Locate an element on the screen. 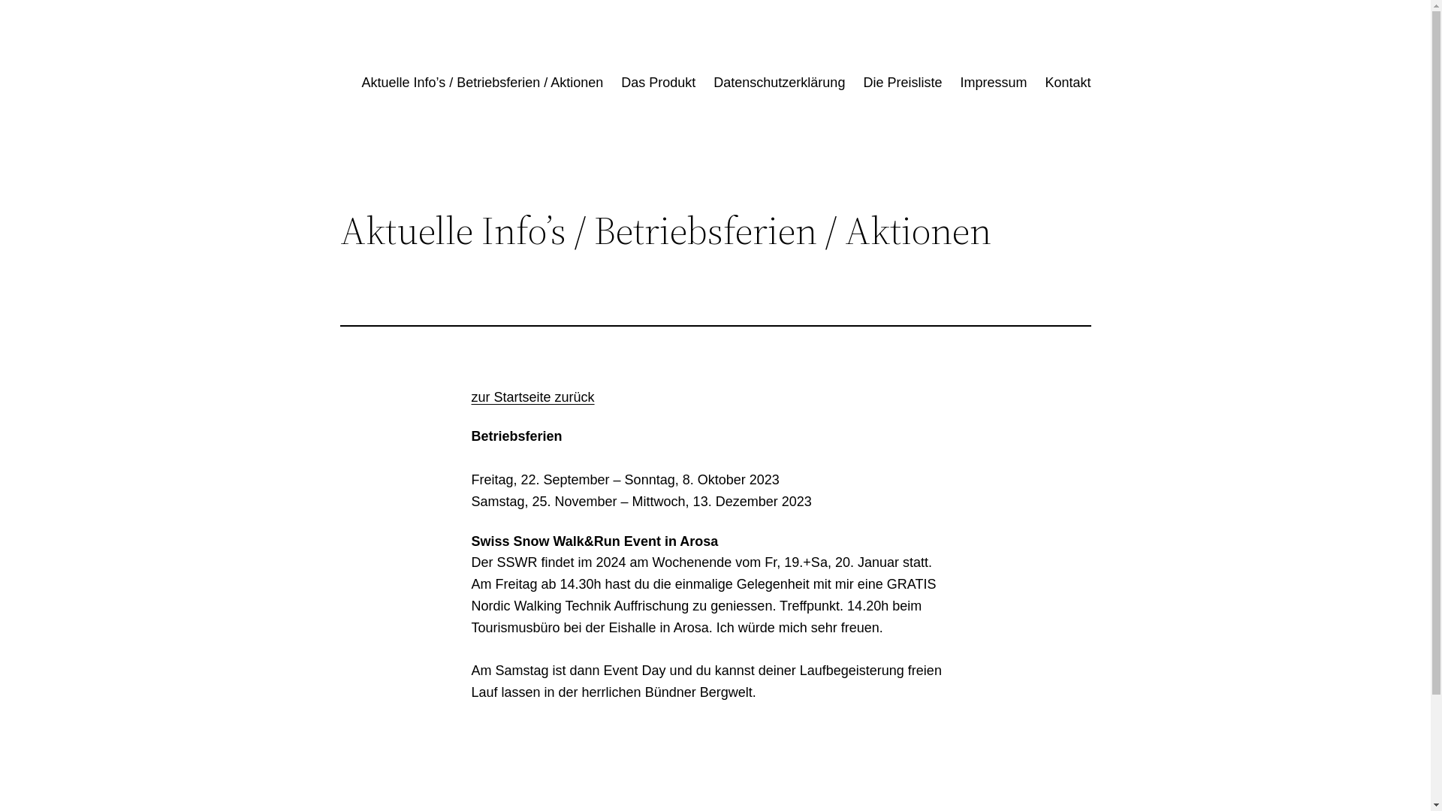  'Die Preisliste' is located at coordinates (901, 83).